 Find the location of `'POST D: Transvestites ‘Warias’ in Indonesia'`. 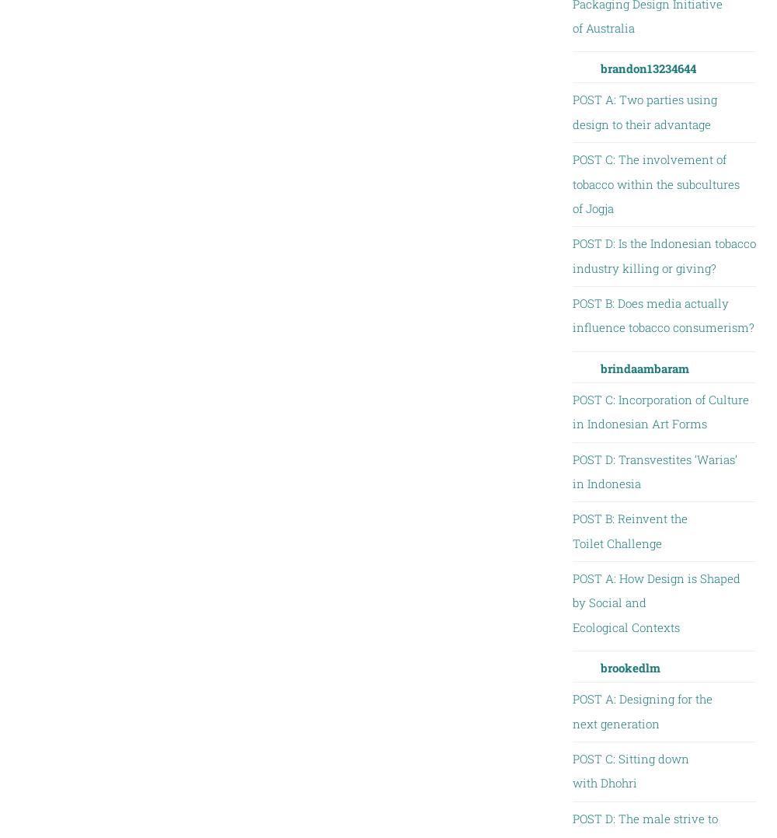

'POST D: Transvestites ‘Warias’ in Indonesia' is located at coordinates (653, 470).